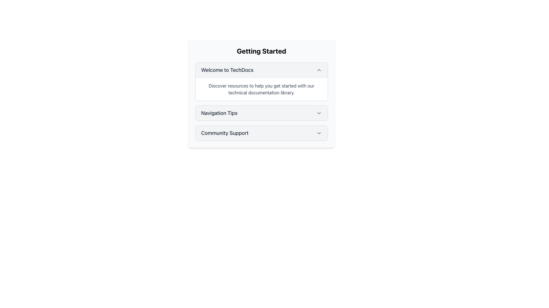 The height and width of the screenshot is (308, 549). Describe the element at coordinates (319, 113) in the screenshot. I see `the downward-facing chevron icon` at that location.